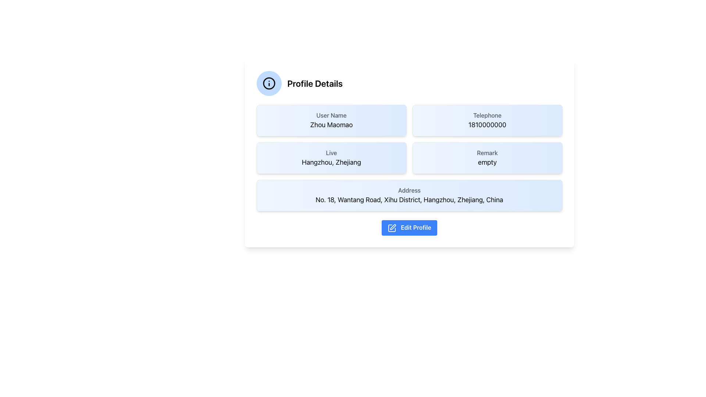 Image resolution: width=706 pixels, height=397 pixels. What do you see at coordinates (315, 83) in the screenshot?
I see `the 'Profile Details' text label, which is styled in bold and black, located at the top-left section of the content area, to the right of an icon within a blue circular background` at bounding box center [315, 83].